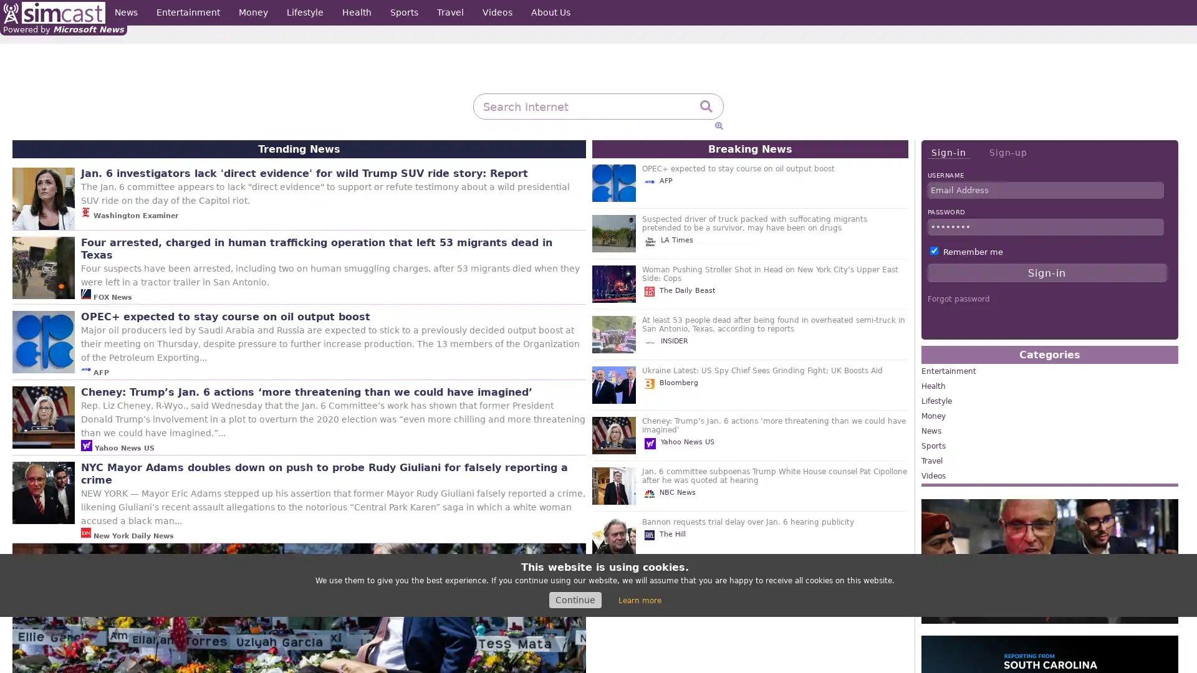 The height and width of the screenshot is (673, 1197). Describe the element at coordinates (1007, 152) in the screenshot. I see `Sign-up` at that location.